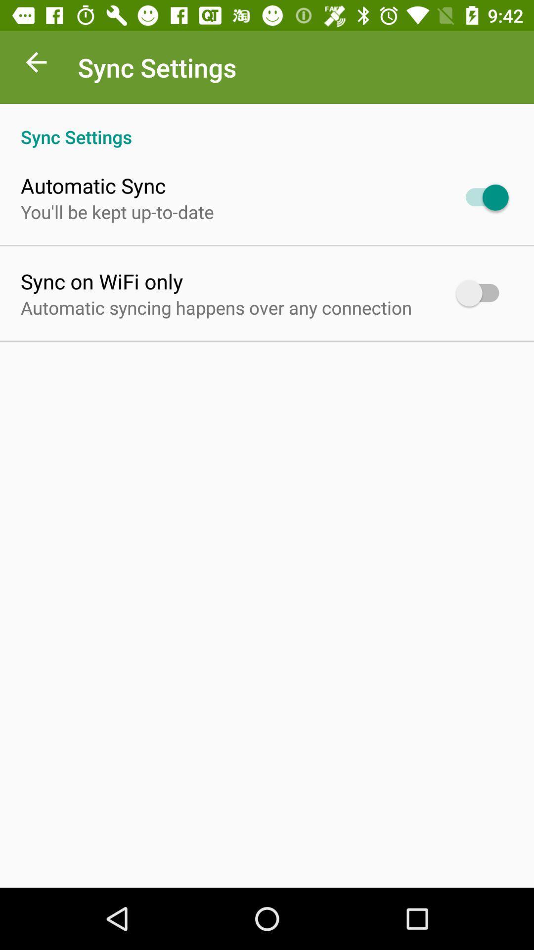 The image size is (534, 950). I want to click on item above the sync settings, so click(36, 64).